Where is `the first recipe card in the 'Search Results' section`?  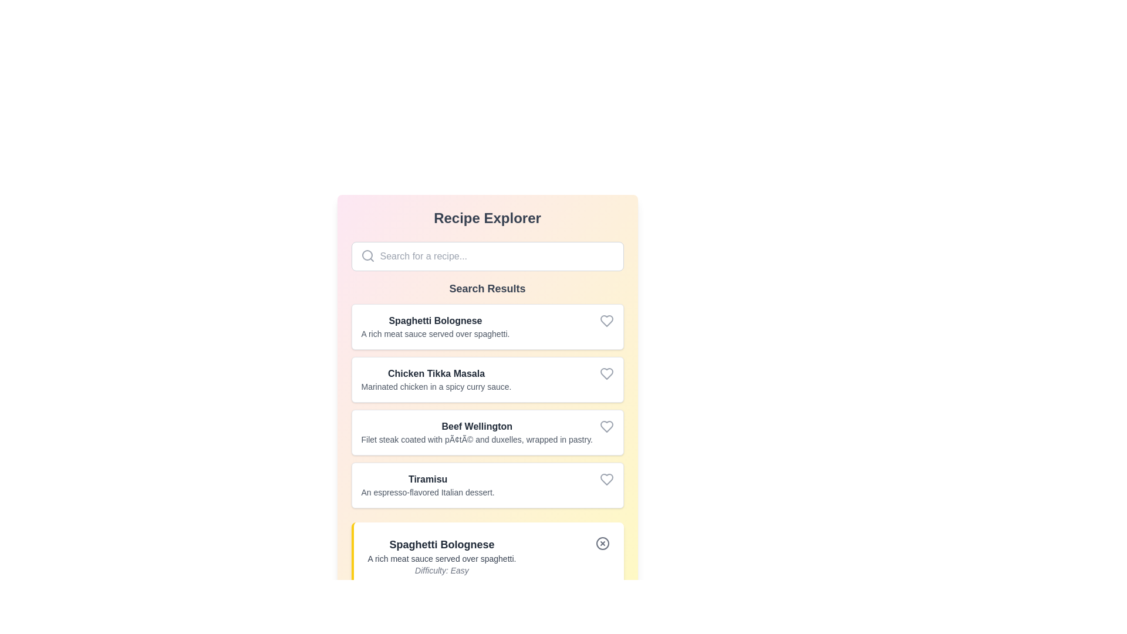 the first recipe card in the 'Search Results' section is located at coordinates (487, 326).